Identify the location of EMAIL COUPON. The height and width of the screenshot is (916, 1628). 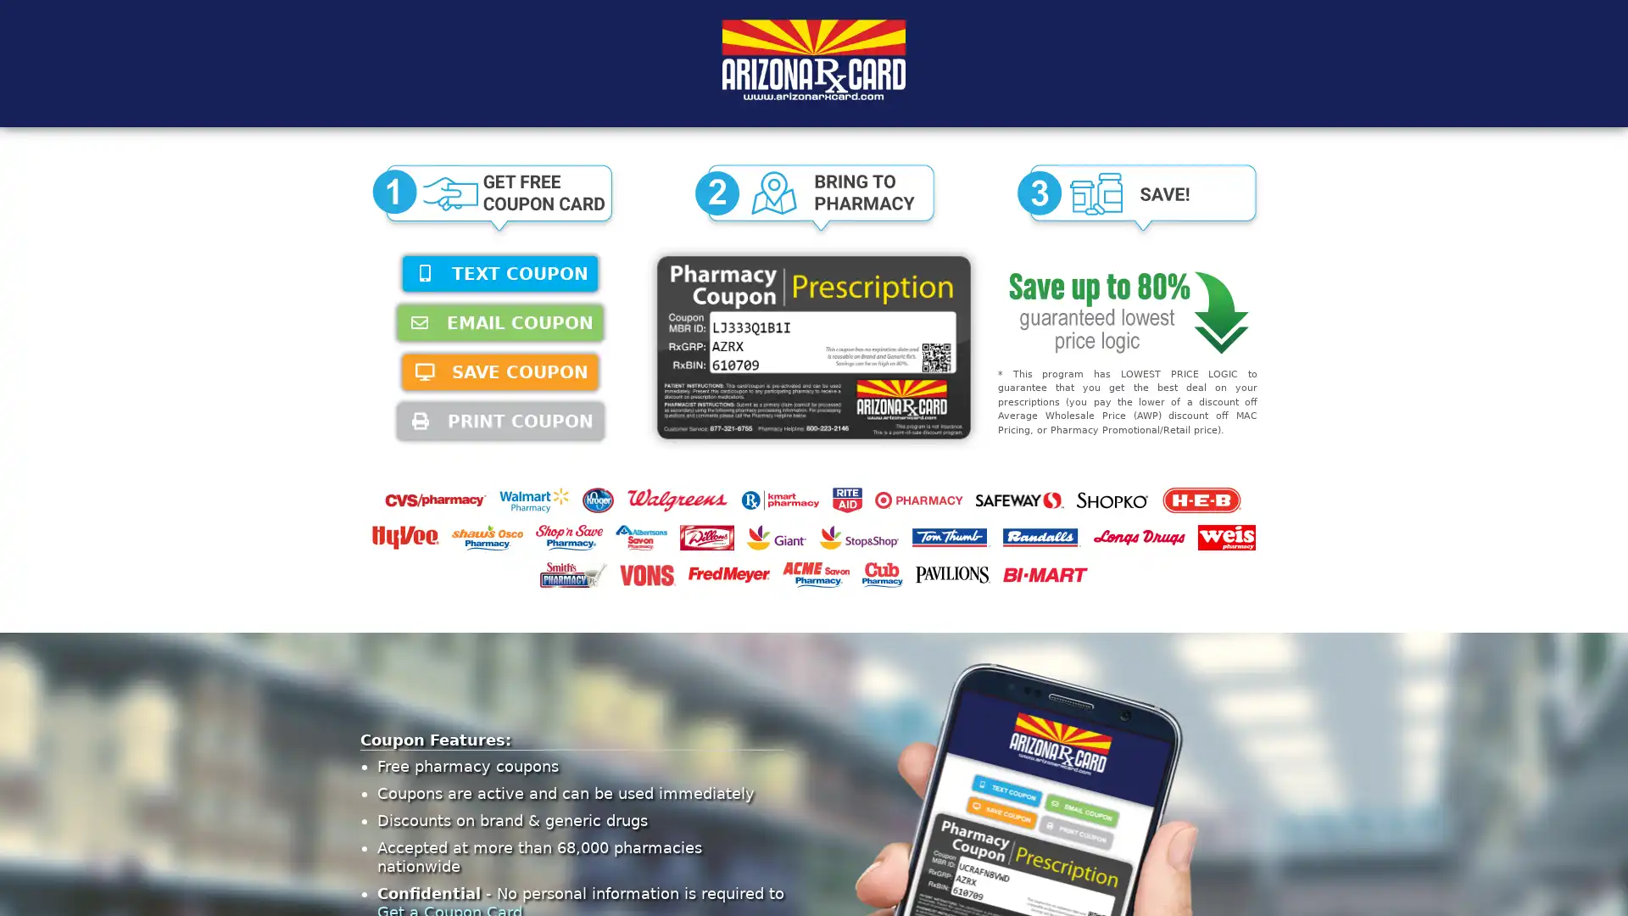
(499, 323).